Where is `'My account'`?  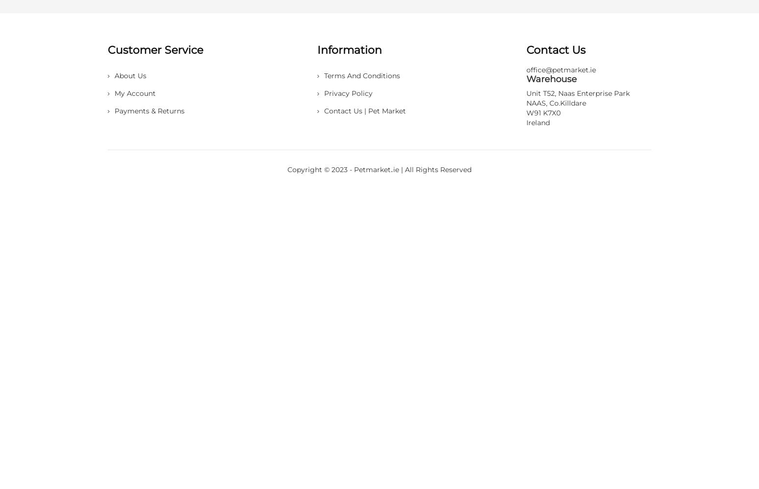
'My account' is located at coordinates (135, 93).